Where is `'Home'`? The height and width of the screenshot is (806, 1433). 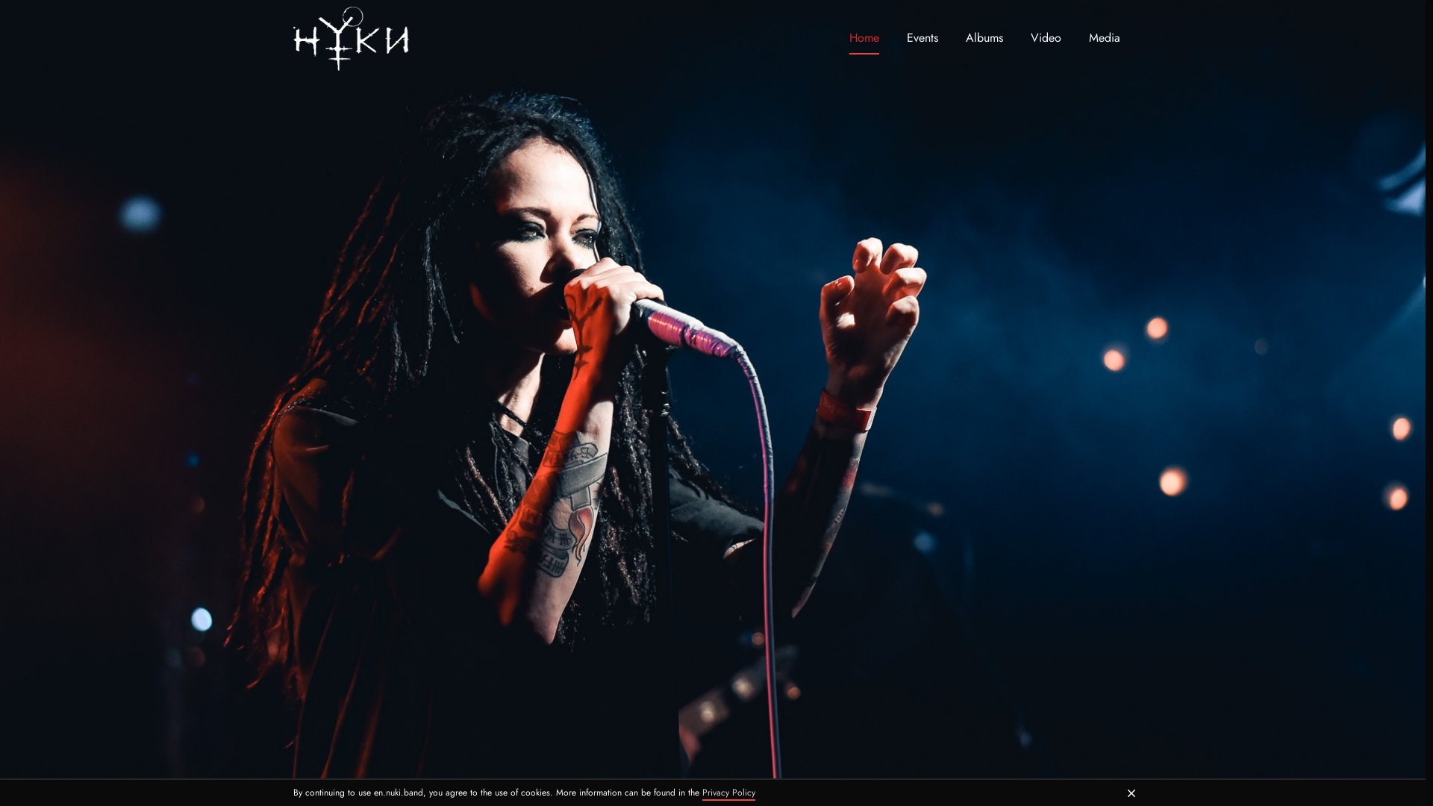
'Home' is located at coordinates (864, 37).